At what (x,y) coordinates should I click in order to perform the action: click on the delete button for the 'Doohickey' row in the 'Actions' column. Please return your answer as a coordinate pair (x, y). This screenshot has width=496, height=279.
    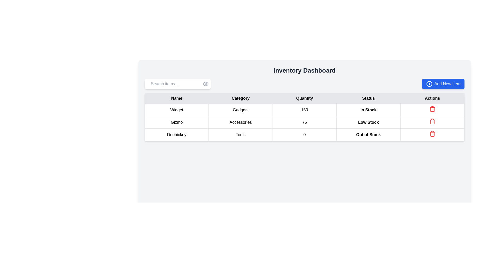
    Looking at the image, I should click on (432, 121).